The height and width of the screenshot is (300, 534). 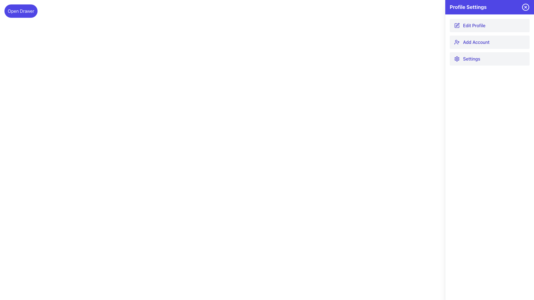 What do you see at coordinates (457, 59) in the screenshot?
I see `the cogwheel settings icon, which is located in the top-right corner of the 'Profile Settings' panel` at bounding box center [457, 59].